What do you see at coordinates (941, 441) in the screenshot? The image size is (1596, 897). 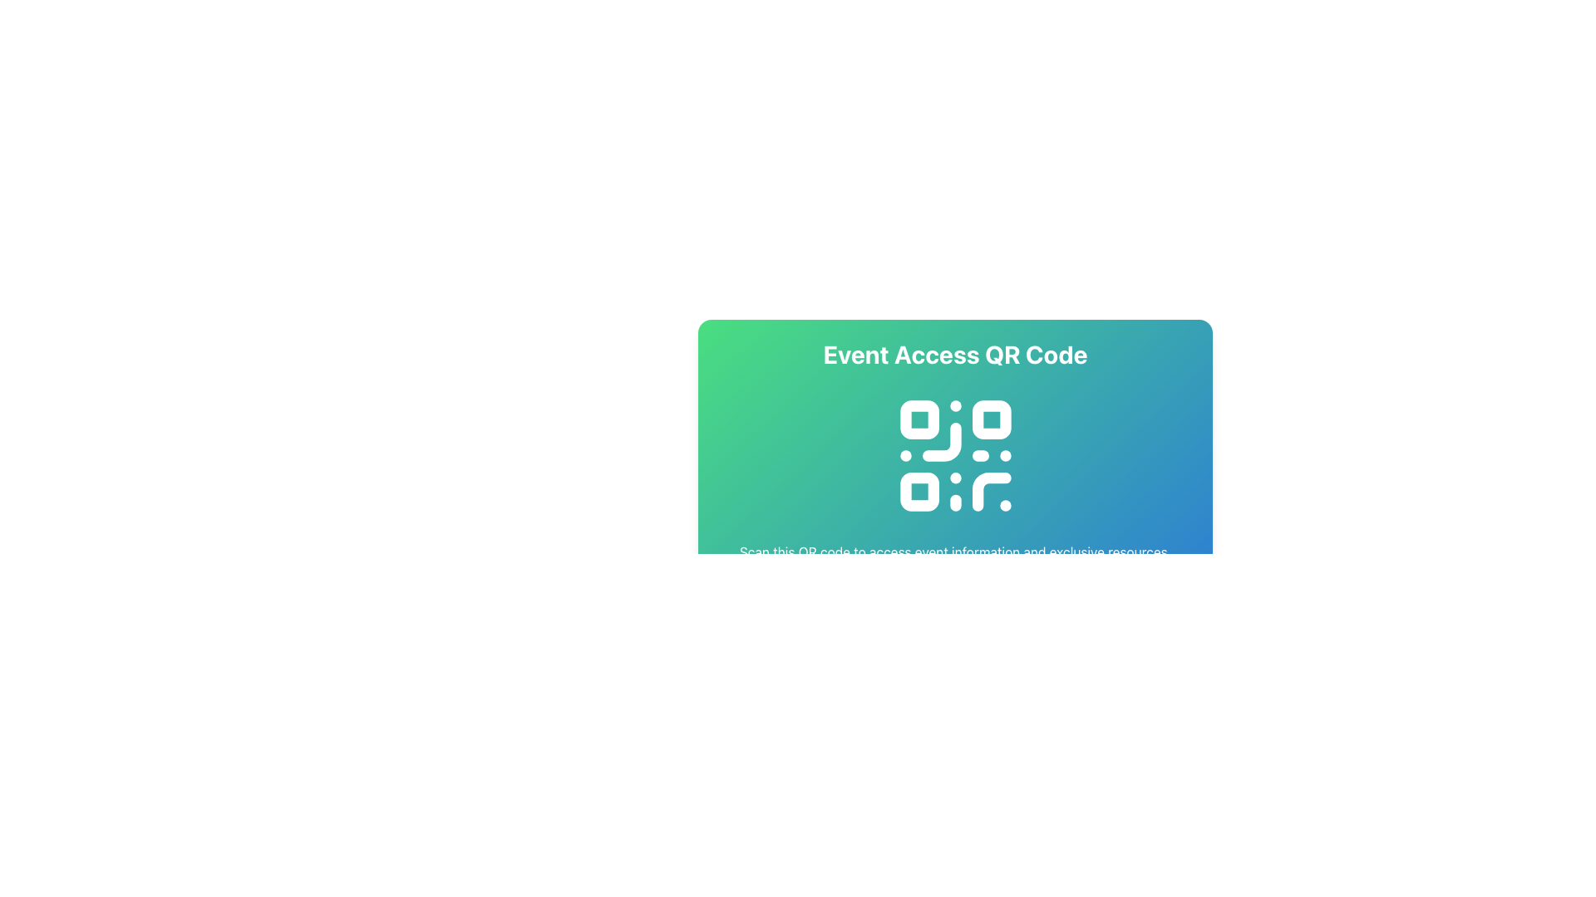 I see `the central lower-left area of the QR code icon, which is adjacent to a square module in the top left` at bounding box center [941, 441].